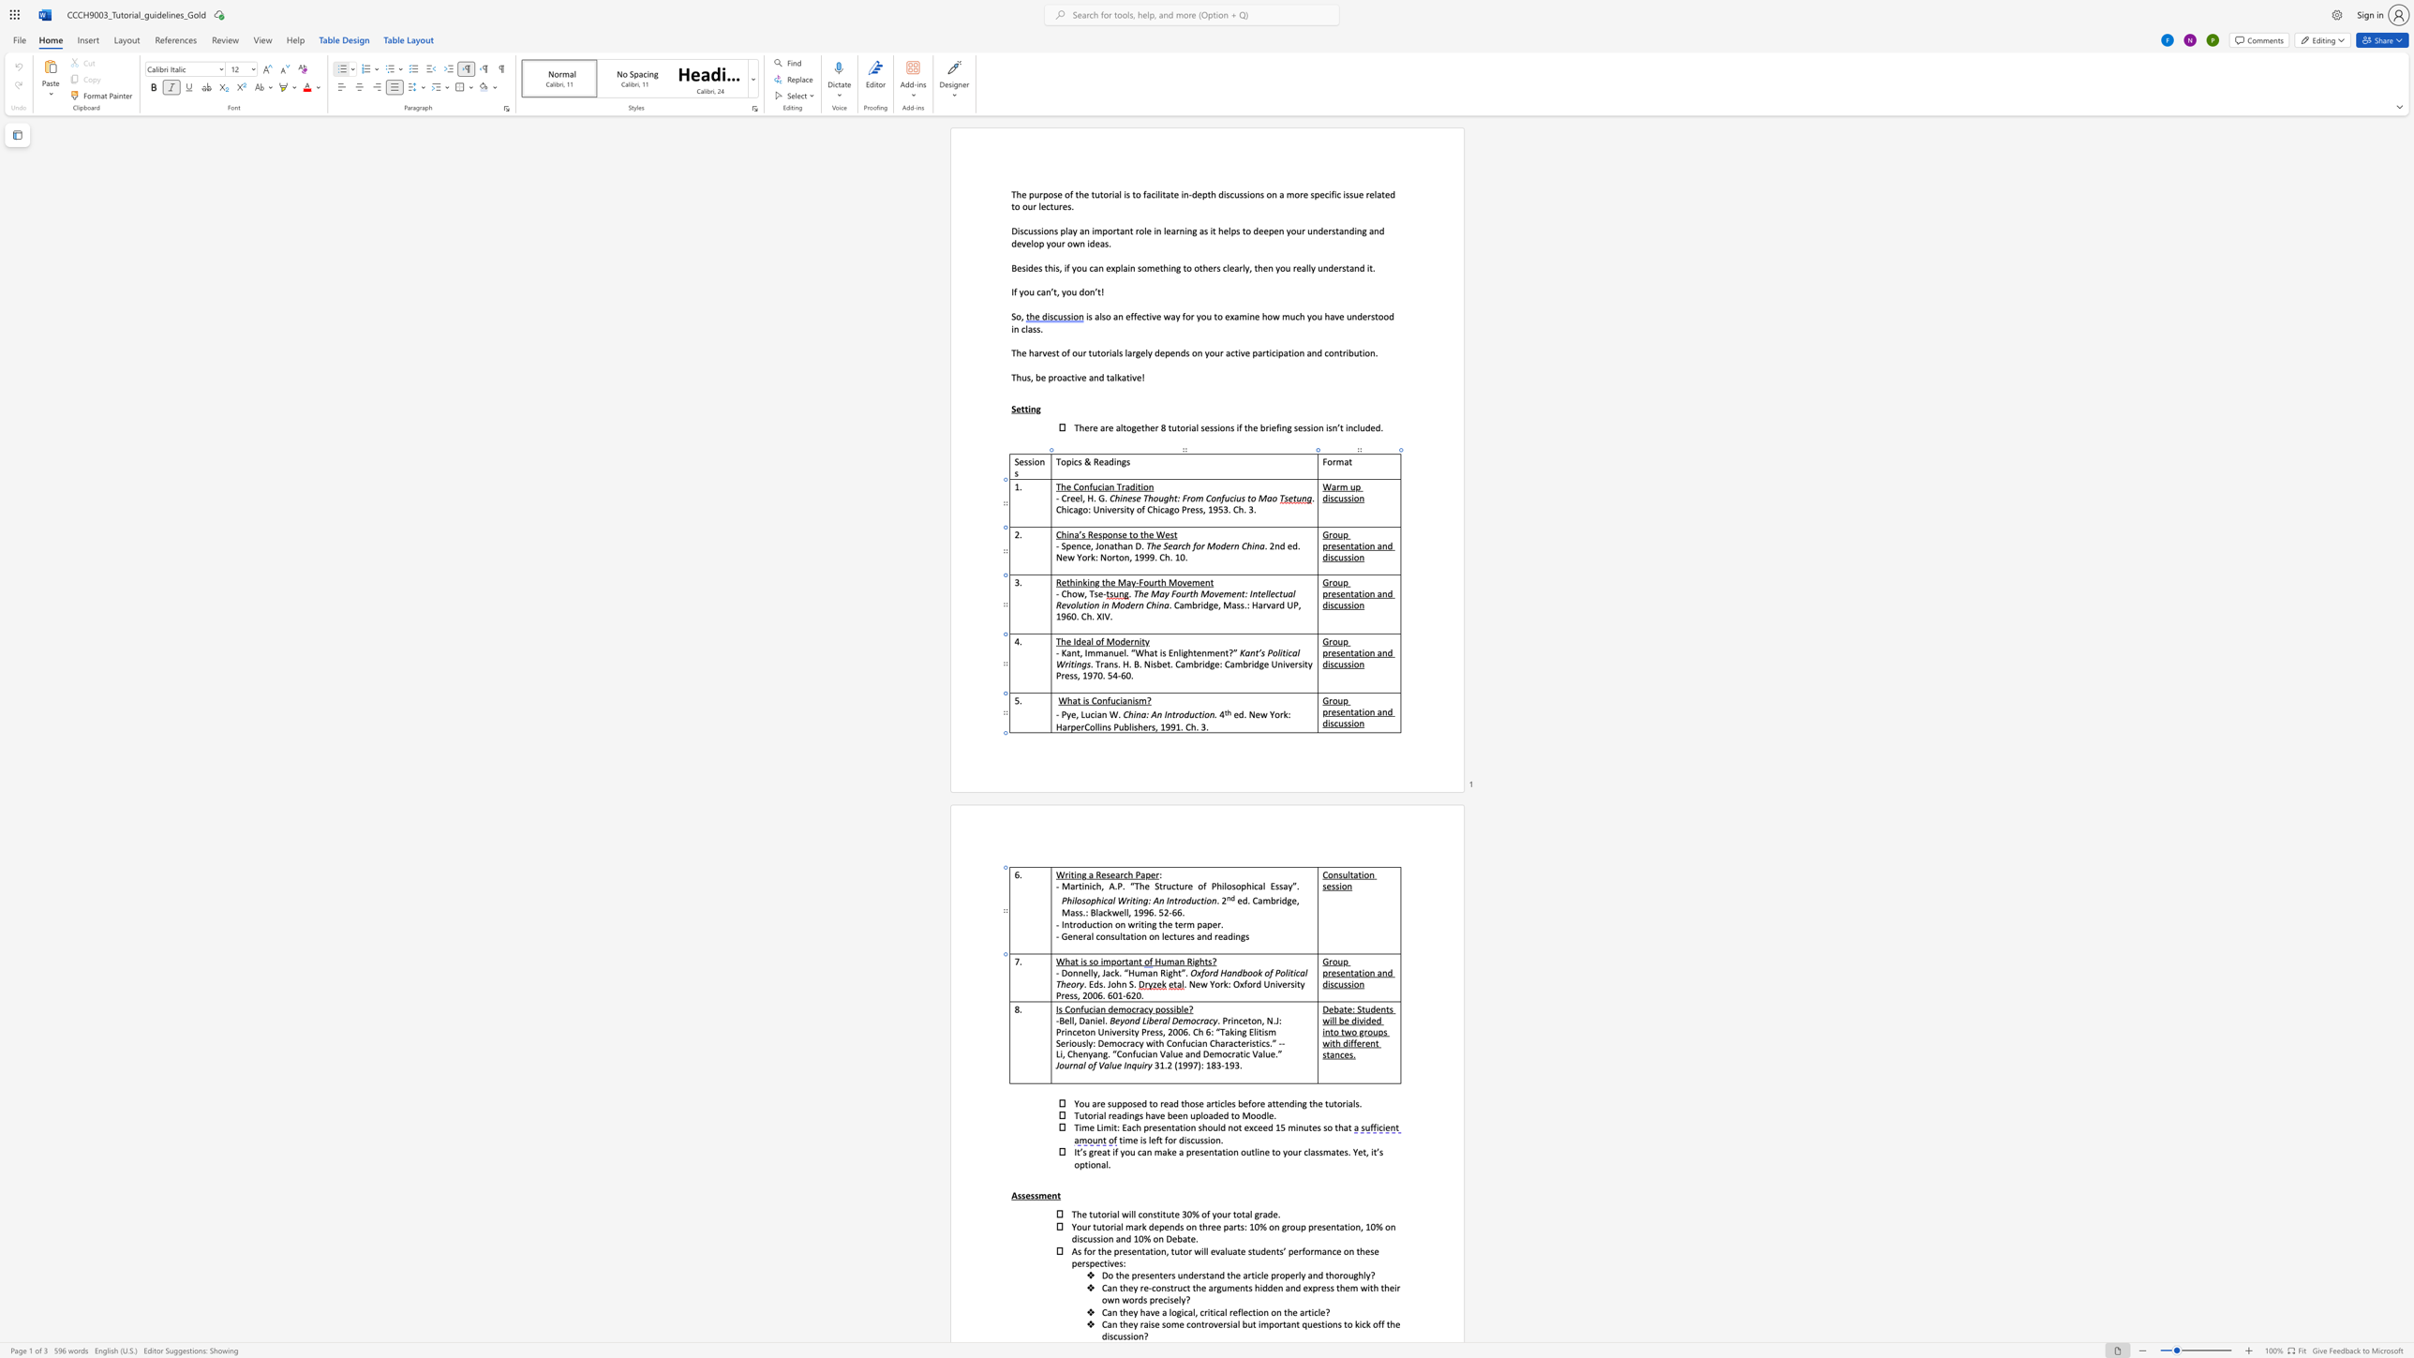 This screenshot has height=1358, width=2414. What do you see at coordinates (1083, 924) in the screenshot?
I see `the 1th character "d" in the text` at bounding box center [1083, 924].